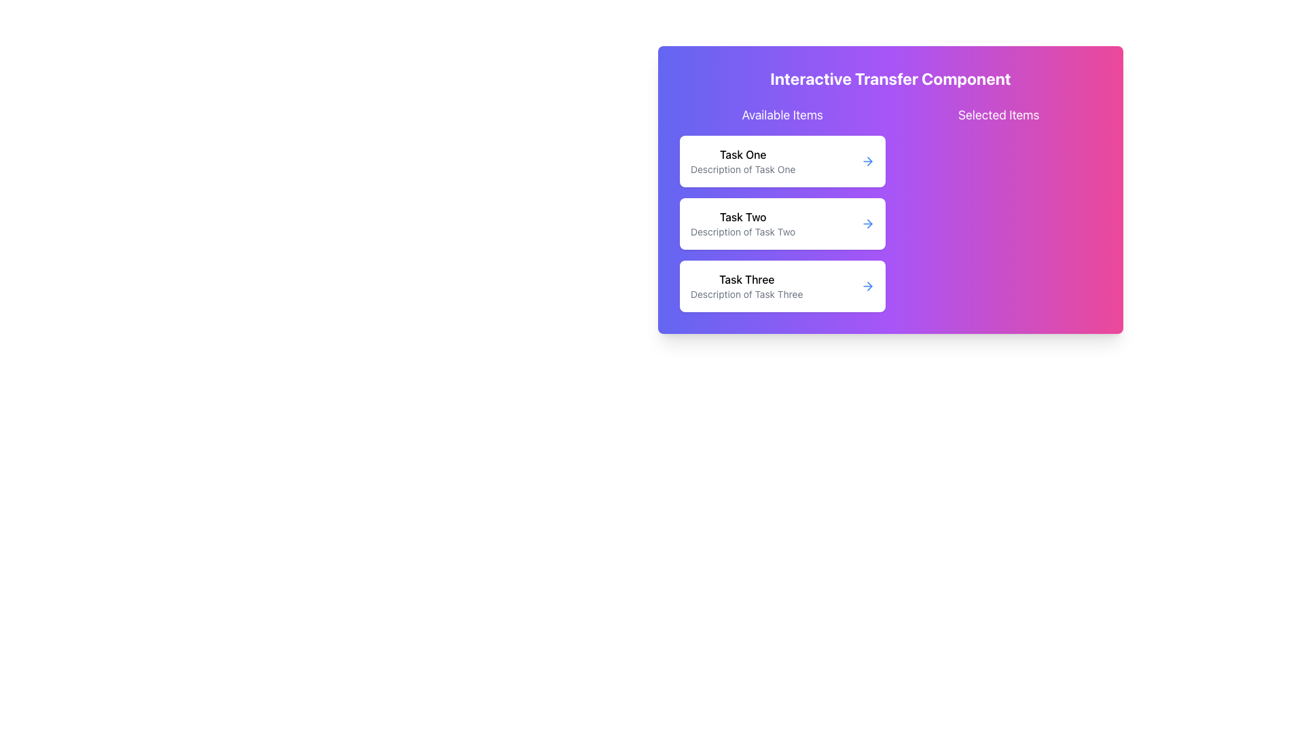  Describe the element at coordinates (867, 223) in the screenshot. I see `the navigational button located on the right side of the 'Task Two' card in the 'Available Items' list` at that location.